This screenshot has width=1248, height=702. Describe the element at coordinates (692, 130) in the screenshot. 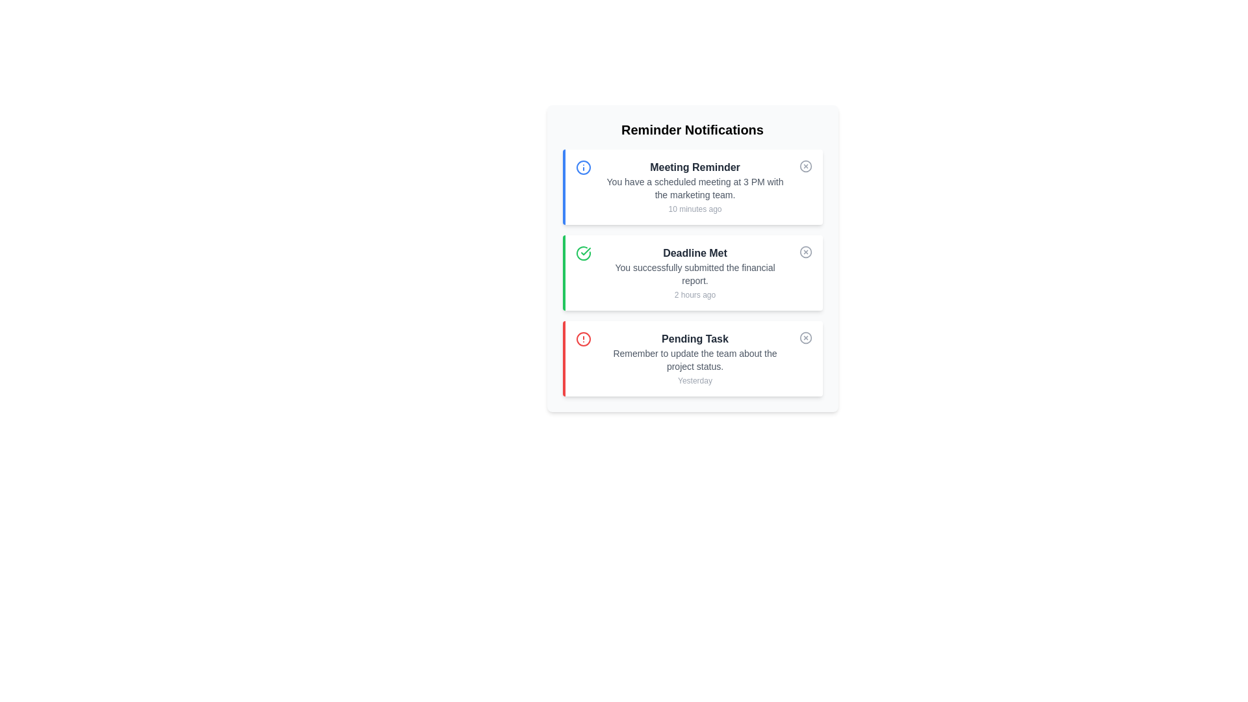

I see `text content of the header text label located at the top-center of the notification panel` at that location.